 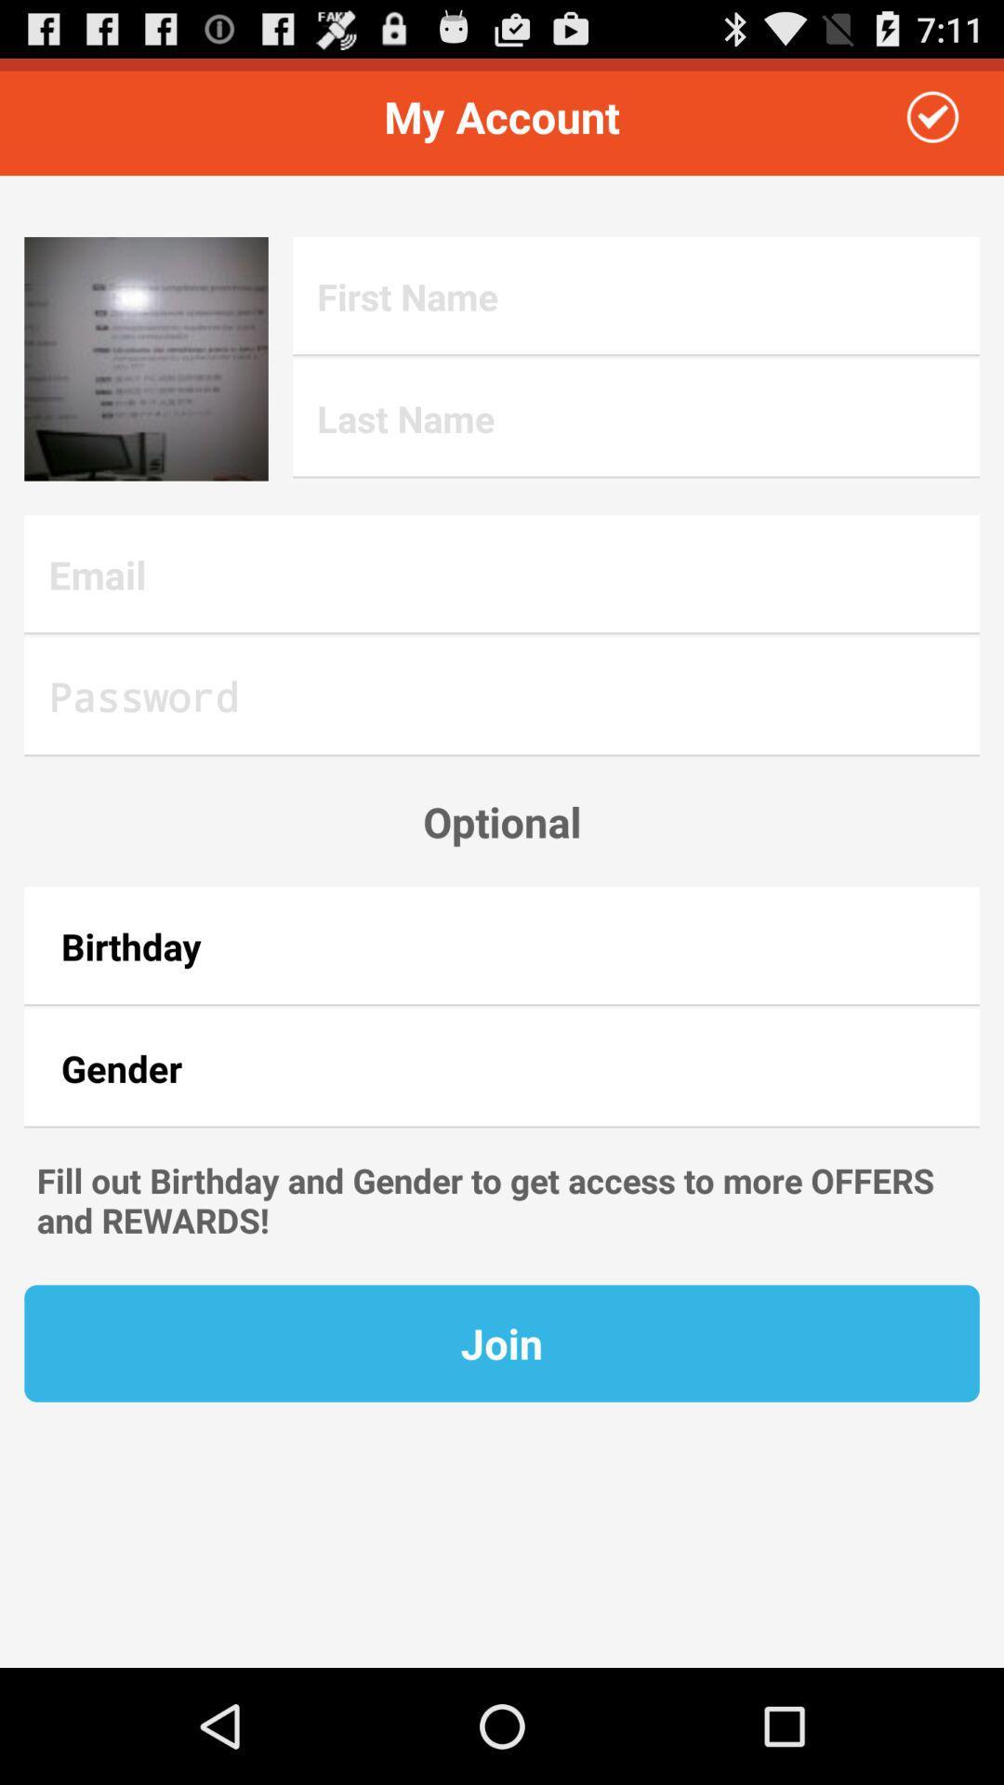 What do you see at coordinates (502, 1343) in the screenshot?
I see `the join` at bounding box center [502, 1343].